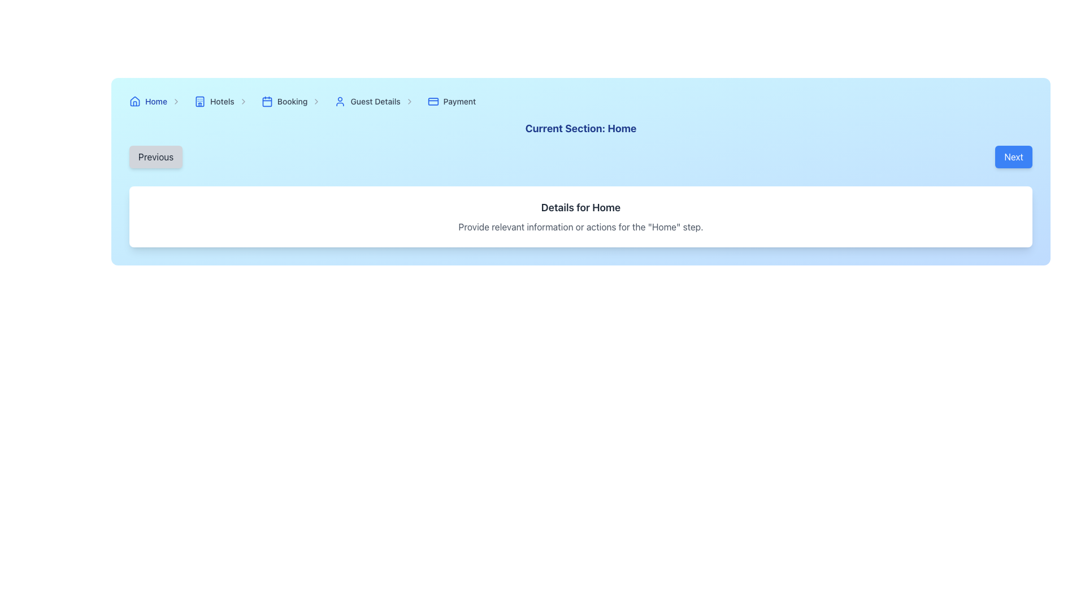 The image size is (1085, 610). Describe the element at coordinates (223, 102) in the screenshot. I see `the breadcrumb navigation item labeled 'Hotels'` at that location.